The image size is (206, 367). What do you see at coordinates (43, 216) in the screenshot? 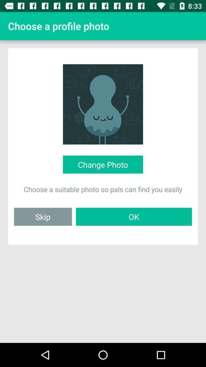
I see `the icon to the left of ok item` at bounding box center [43, 216].